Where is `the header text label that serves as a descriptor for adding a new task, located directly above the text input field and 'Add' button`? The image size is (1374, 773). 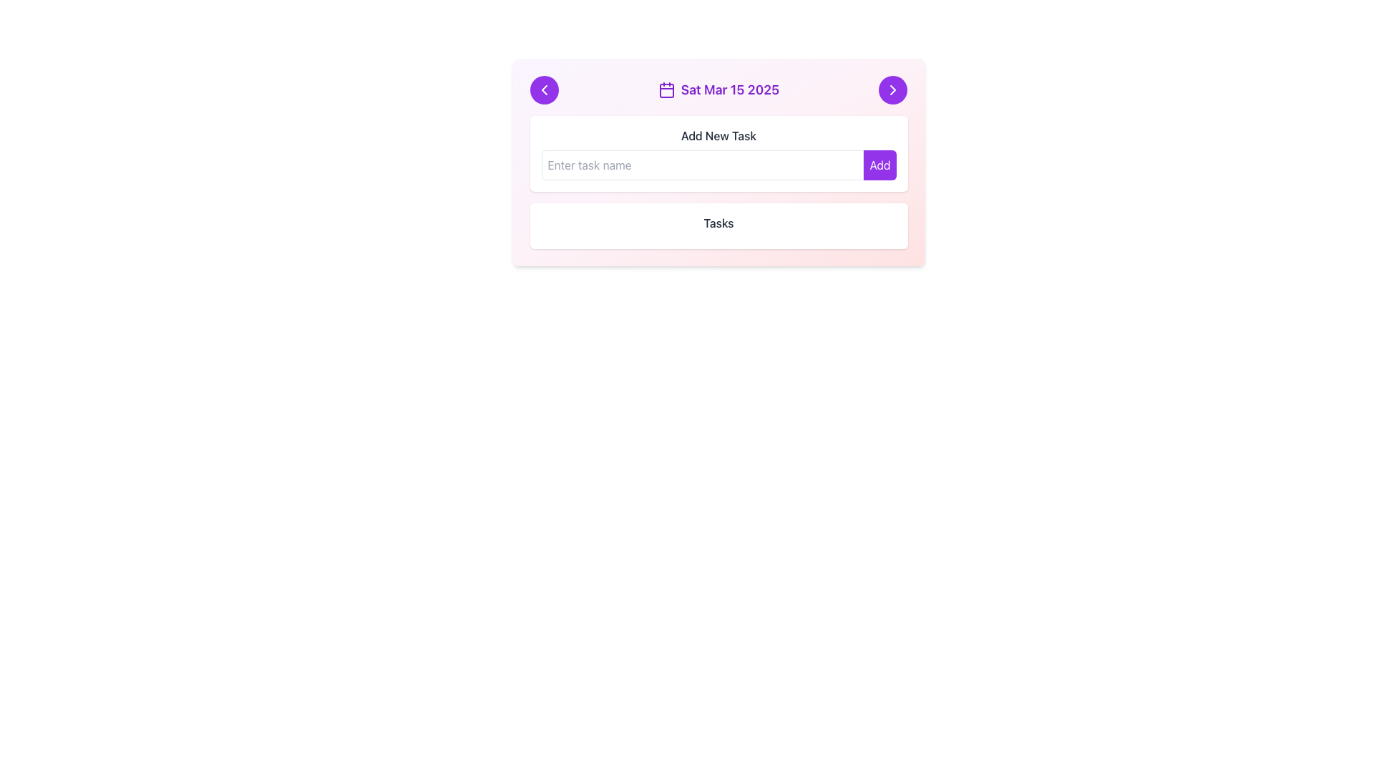
the header text label that serves as a descriptor for adding a new task, located directly above the text input field and 'Add' button is located at coordinates (718, 135).